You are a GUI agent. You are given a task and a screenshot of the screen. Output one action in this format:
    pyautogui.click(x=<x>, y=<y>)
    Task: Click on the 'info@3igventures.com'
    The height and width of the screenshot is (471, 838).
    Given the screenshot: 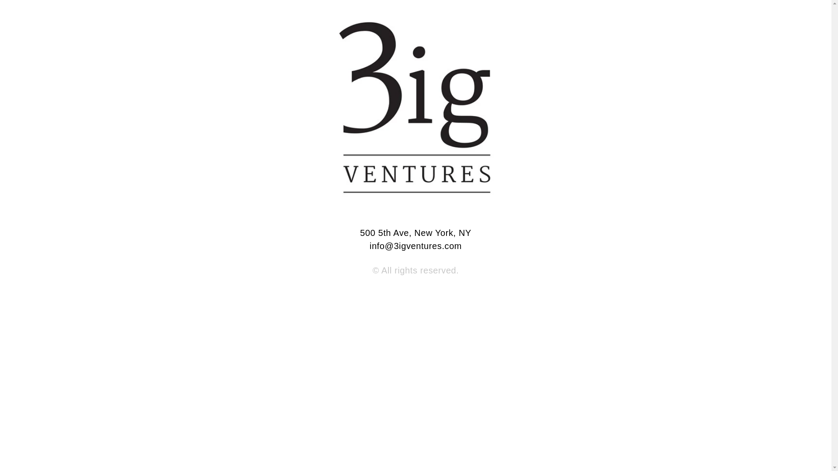 What is the action you would take?
    pyautogui.click(x=415, y=246)
    